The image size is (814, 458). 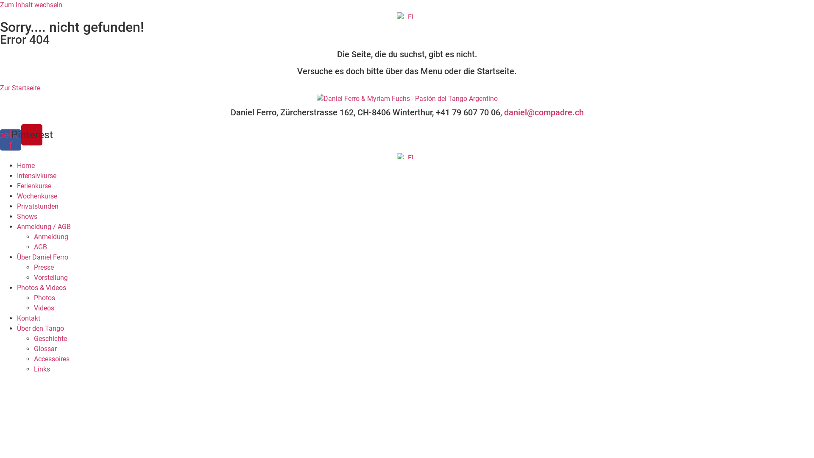 I want to click on 'Presse', so click(x=43, y=267).